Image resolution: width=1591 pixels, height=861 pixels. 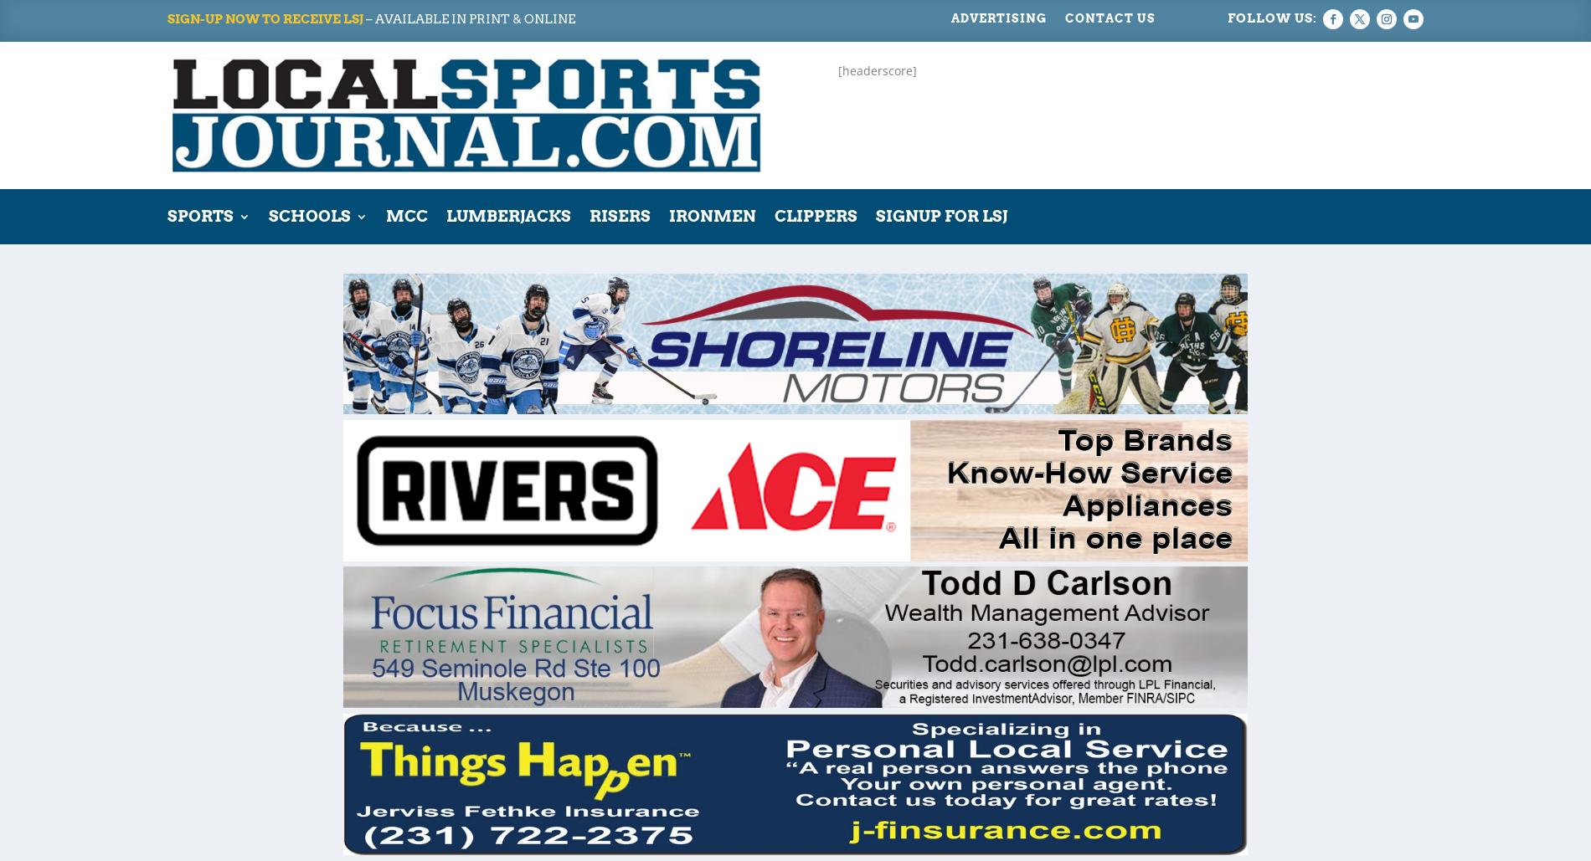 What do you see at coordinates (543, 597) in the screenshot?
I see `'Whitehall'` at bounding box center [543, 597].